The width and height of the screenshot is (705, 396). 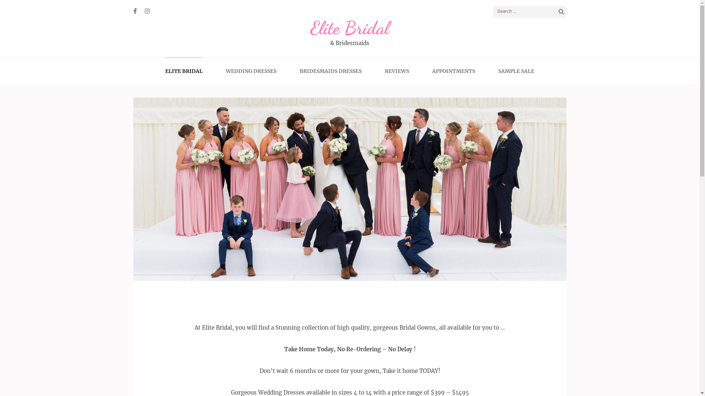 I want to click on 'Search', so click(x=557, y=12).